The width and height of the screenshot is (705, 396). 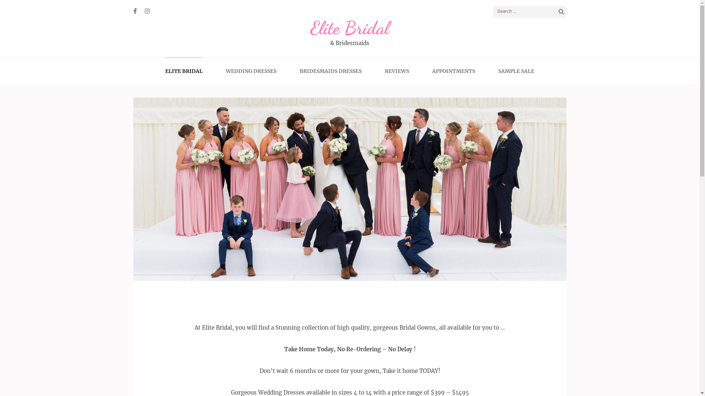 I want to click on 'Search', so click(x=557, y=12).